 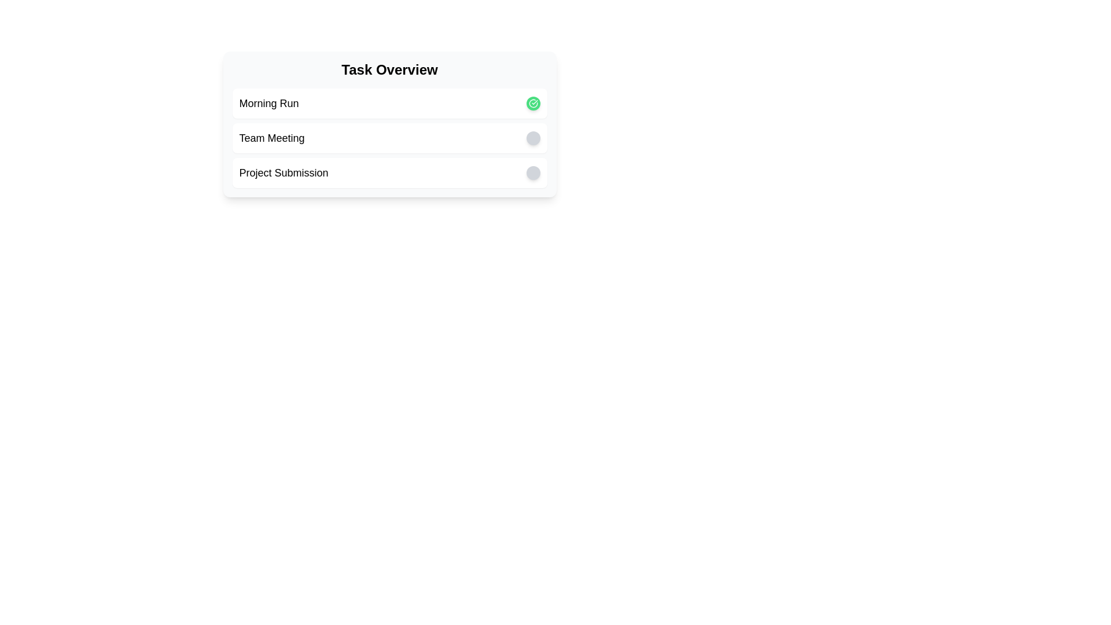 What do you see at coordinates (268, 102) in the screenshot?
I see `the static text label displaying 'Morning Run', which is prominently styled in a large font size and medium weight, located in the first row of a vertically stacked list` at bounding box center [268, 102].